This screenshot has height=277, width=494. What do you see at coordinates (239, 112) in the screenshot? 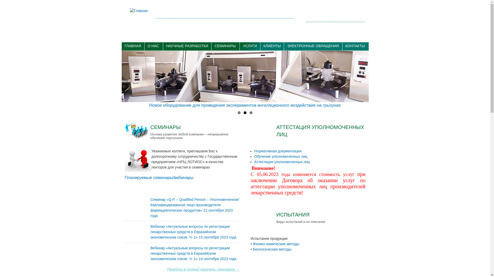
I see `'1'` at bounding box center [239, 112].